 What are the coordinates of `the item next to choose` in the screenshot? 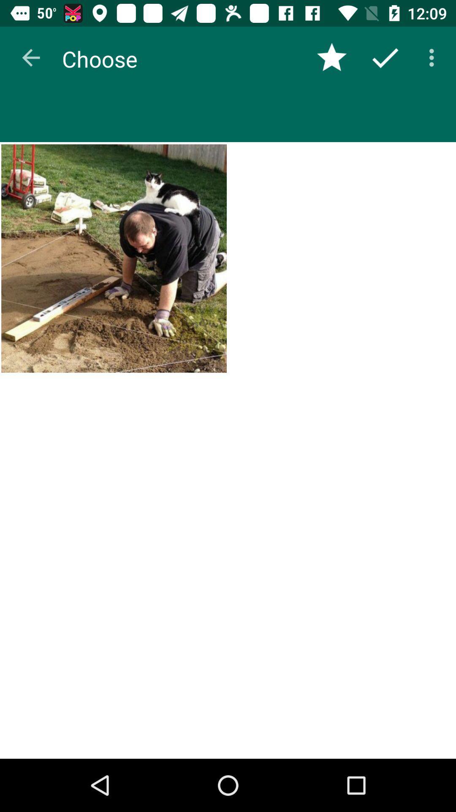 It's located at (331, 57).